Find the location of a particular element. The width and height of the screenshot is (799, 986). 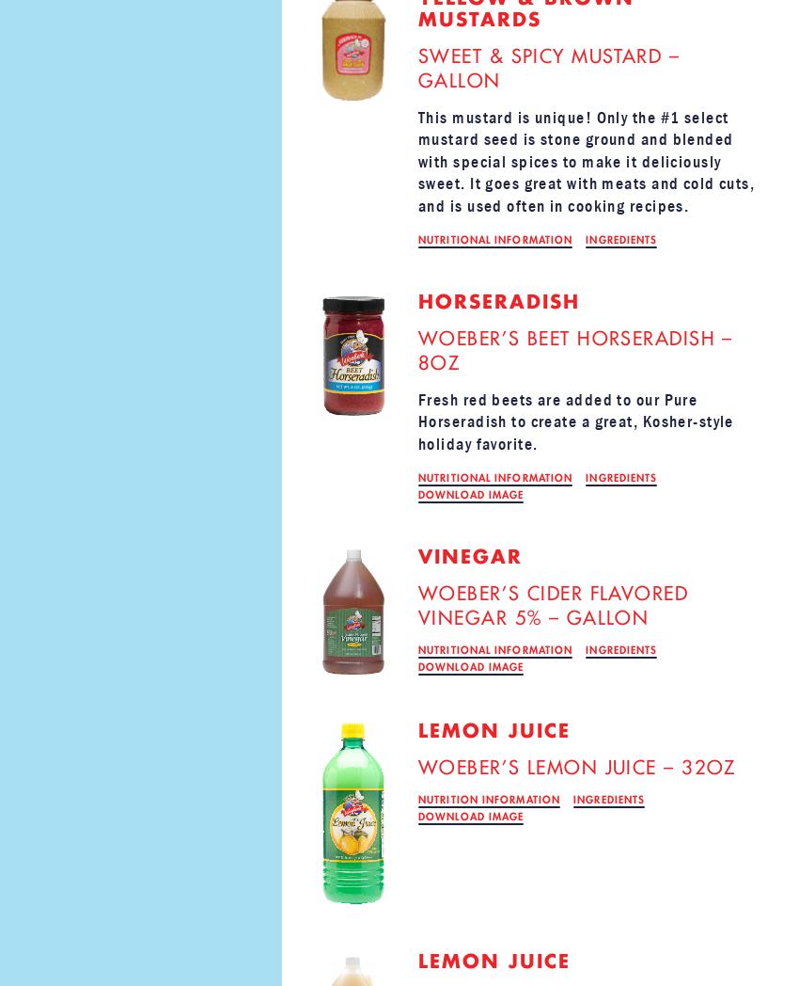

'NUTRITION INFORMATION' is located at coordinates (488, 800).